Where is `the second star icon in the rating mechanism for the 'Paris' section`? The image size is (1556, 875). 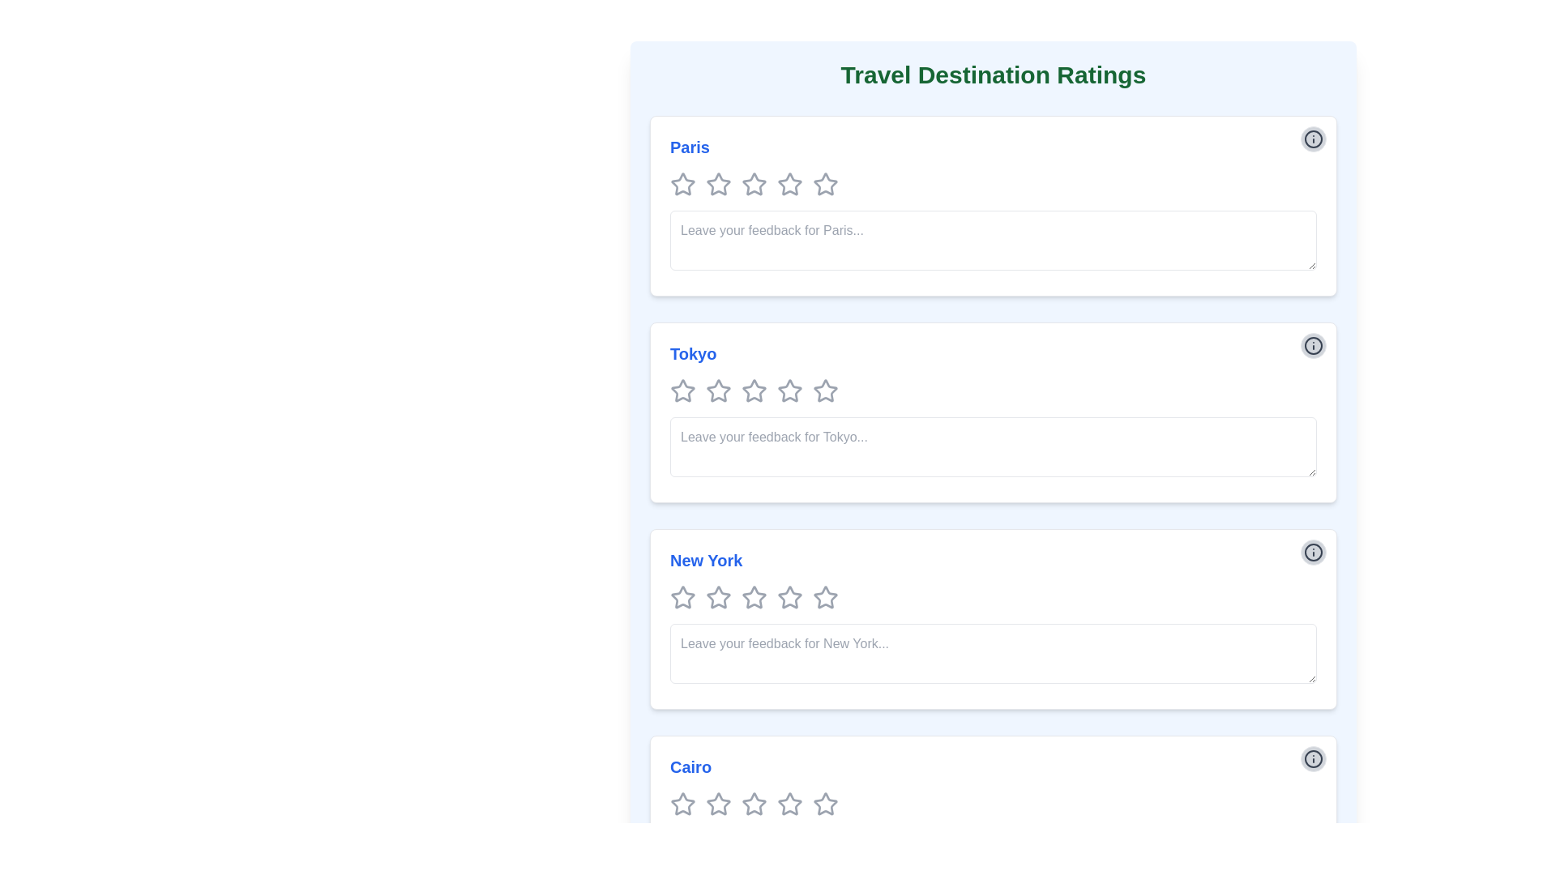 the second star icon in the rating mechanism for the 'Paris' section is located at coordinates (718, 183).